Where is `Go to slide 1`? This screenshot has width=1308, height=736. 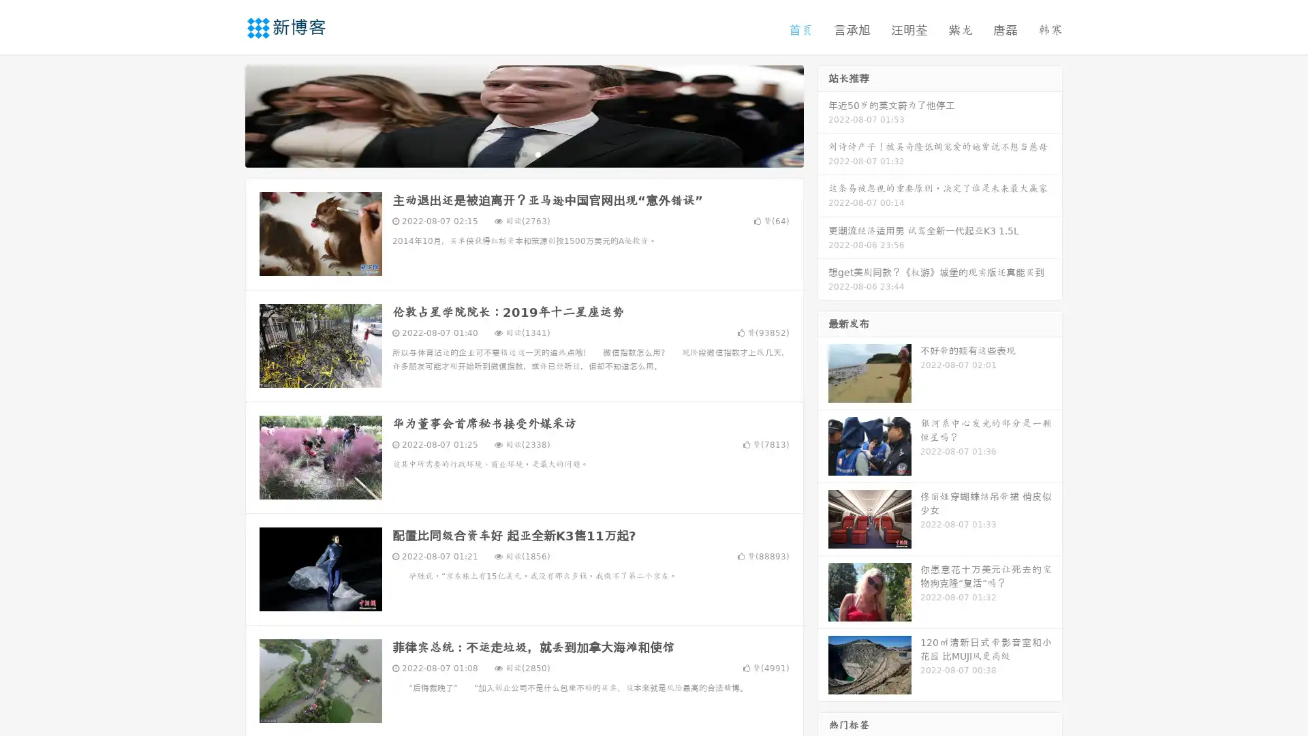
Go to slide 1 is located at coordinates (510, 153).